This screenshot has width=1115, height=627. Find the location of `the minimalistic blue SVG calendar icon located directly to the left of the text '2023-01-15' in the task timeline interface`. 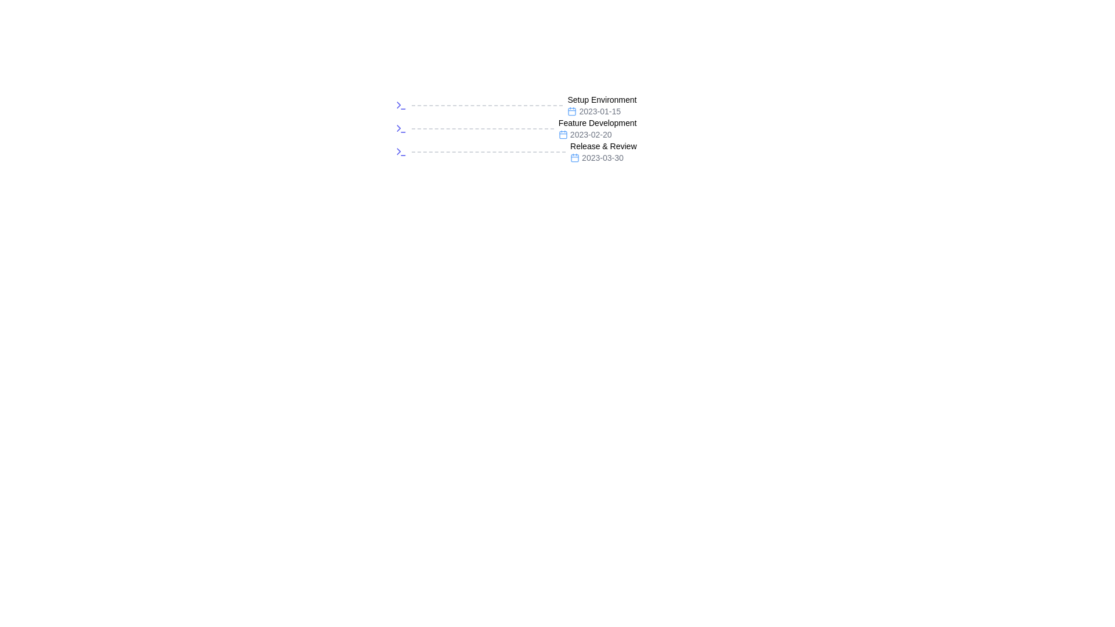

the minimalistic blue SVG calendar icon located directly to the left of the text '2023-01-15' in the task timeline interface is located at coordinates (572, 111).